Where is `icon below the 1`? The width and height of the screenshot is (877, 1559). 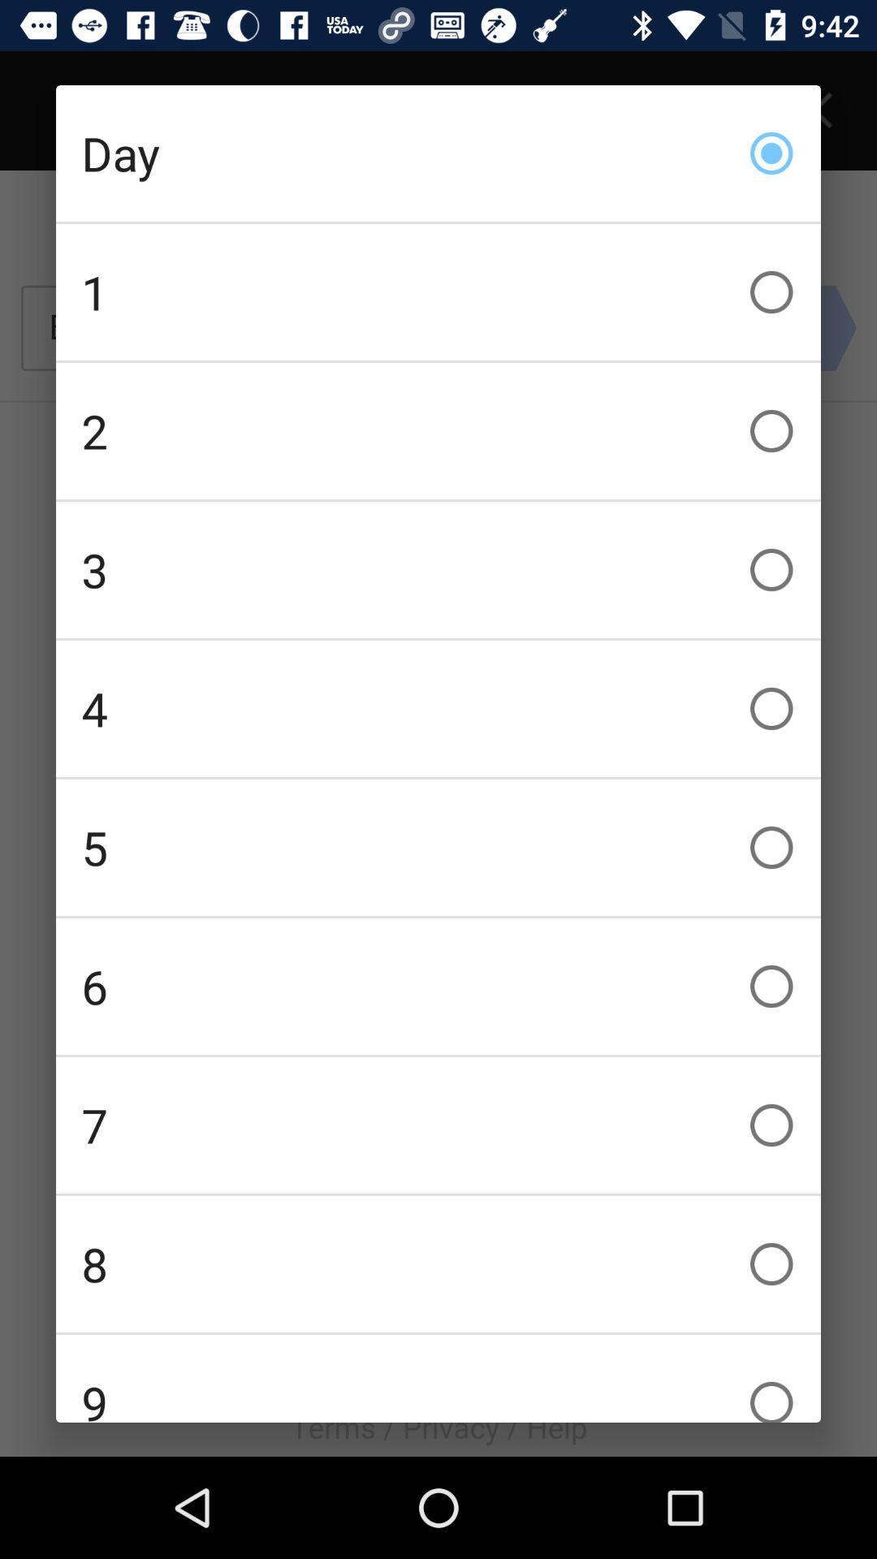
icon below the 1 is located at coordinates (438, 431).